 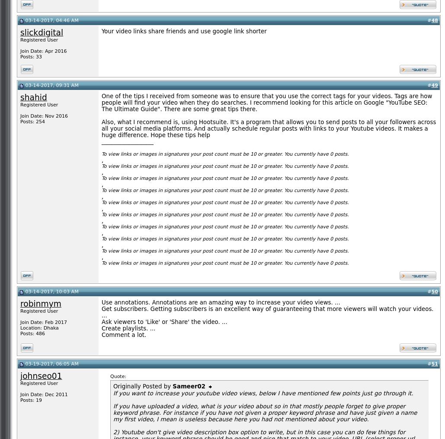 What do you see at coordinates (40, 376) in the screenshot?
I see `'johnseo01'` at bounding box center [40, 376].